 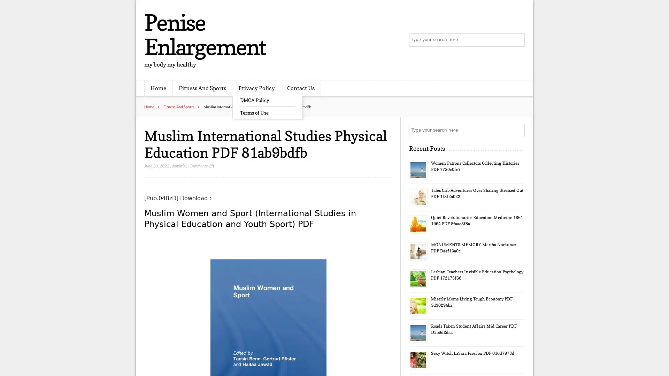 What do you see at coordinates (517, 40) in the screenshot?
I see `Search` at bounding box center [517, 40].